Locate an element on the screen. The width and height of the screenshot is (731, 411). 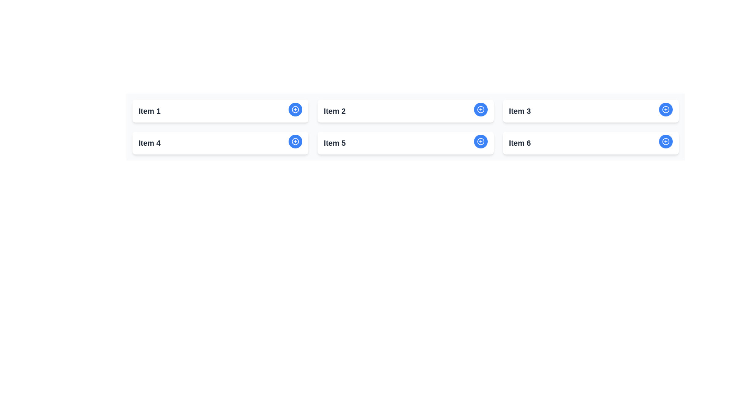
the button in the bottom-right corner of the 'Item 3' card is located at coordinates (665, 110).